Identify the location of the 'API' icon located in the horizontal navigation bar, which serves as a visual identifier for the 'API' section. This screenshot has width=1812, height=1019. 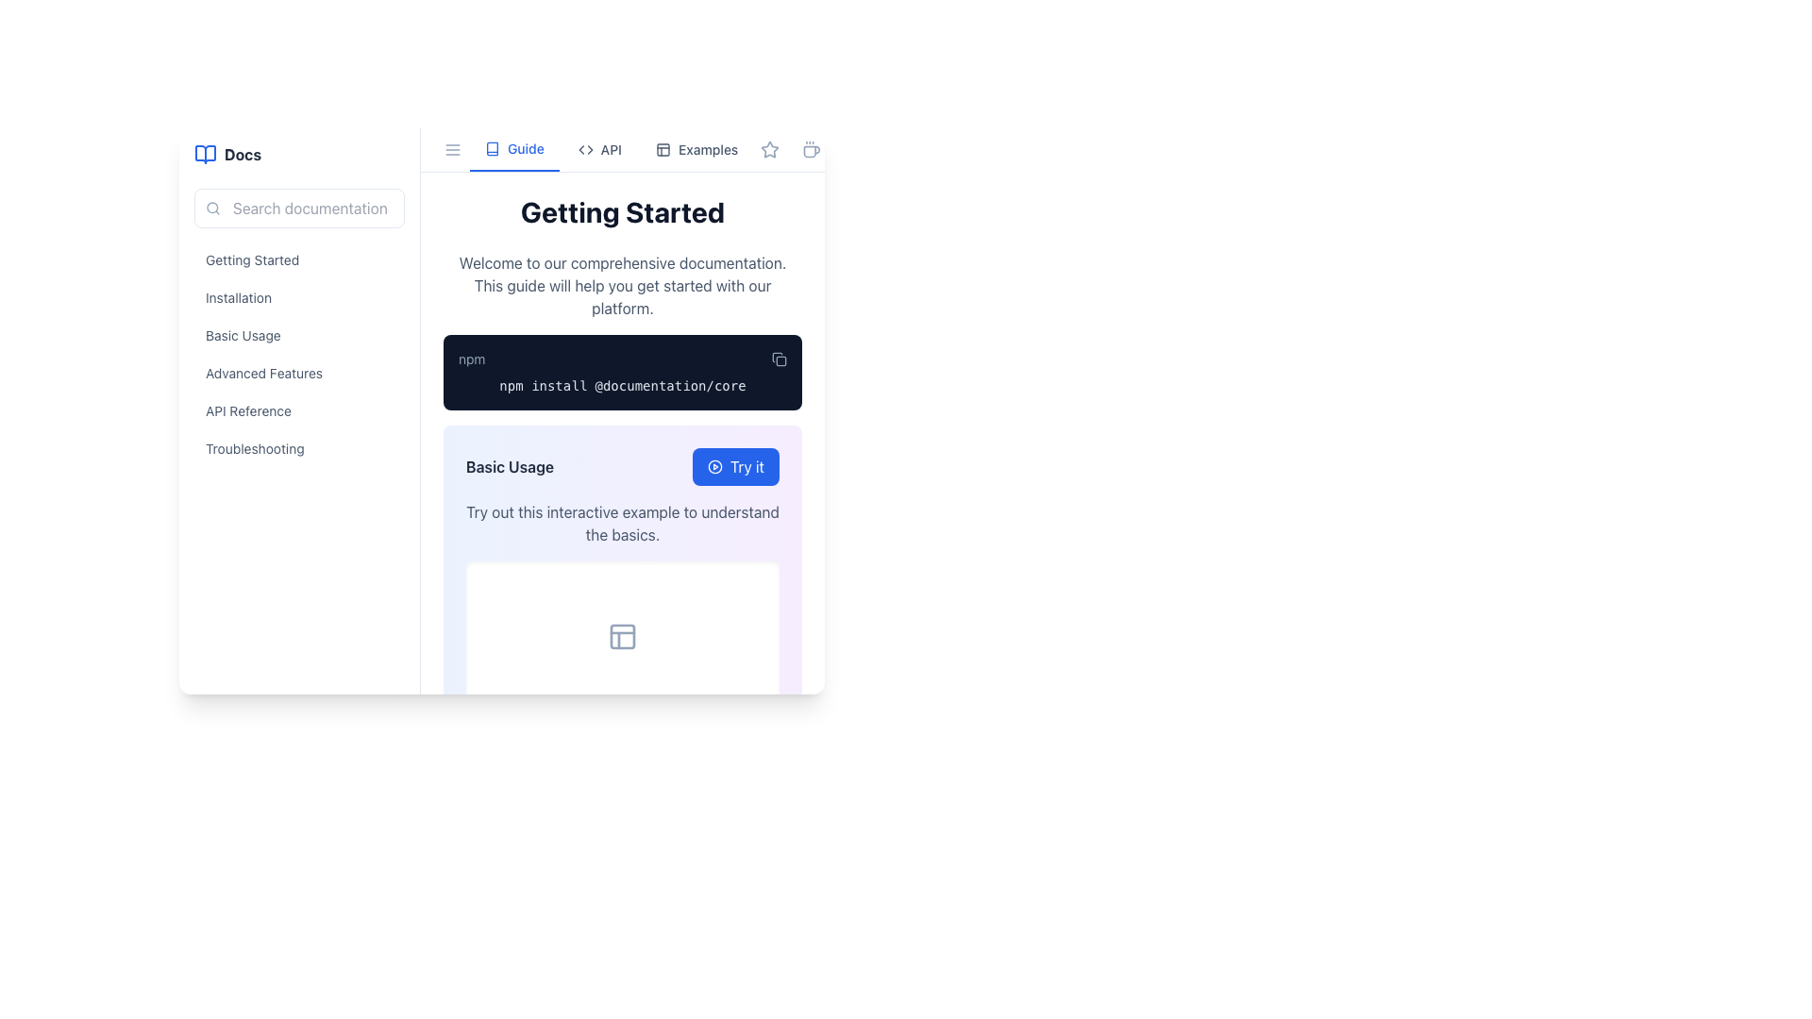
(584, 148).